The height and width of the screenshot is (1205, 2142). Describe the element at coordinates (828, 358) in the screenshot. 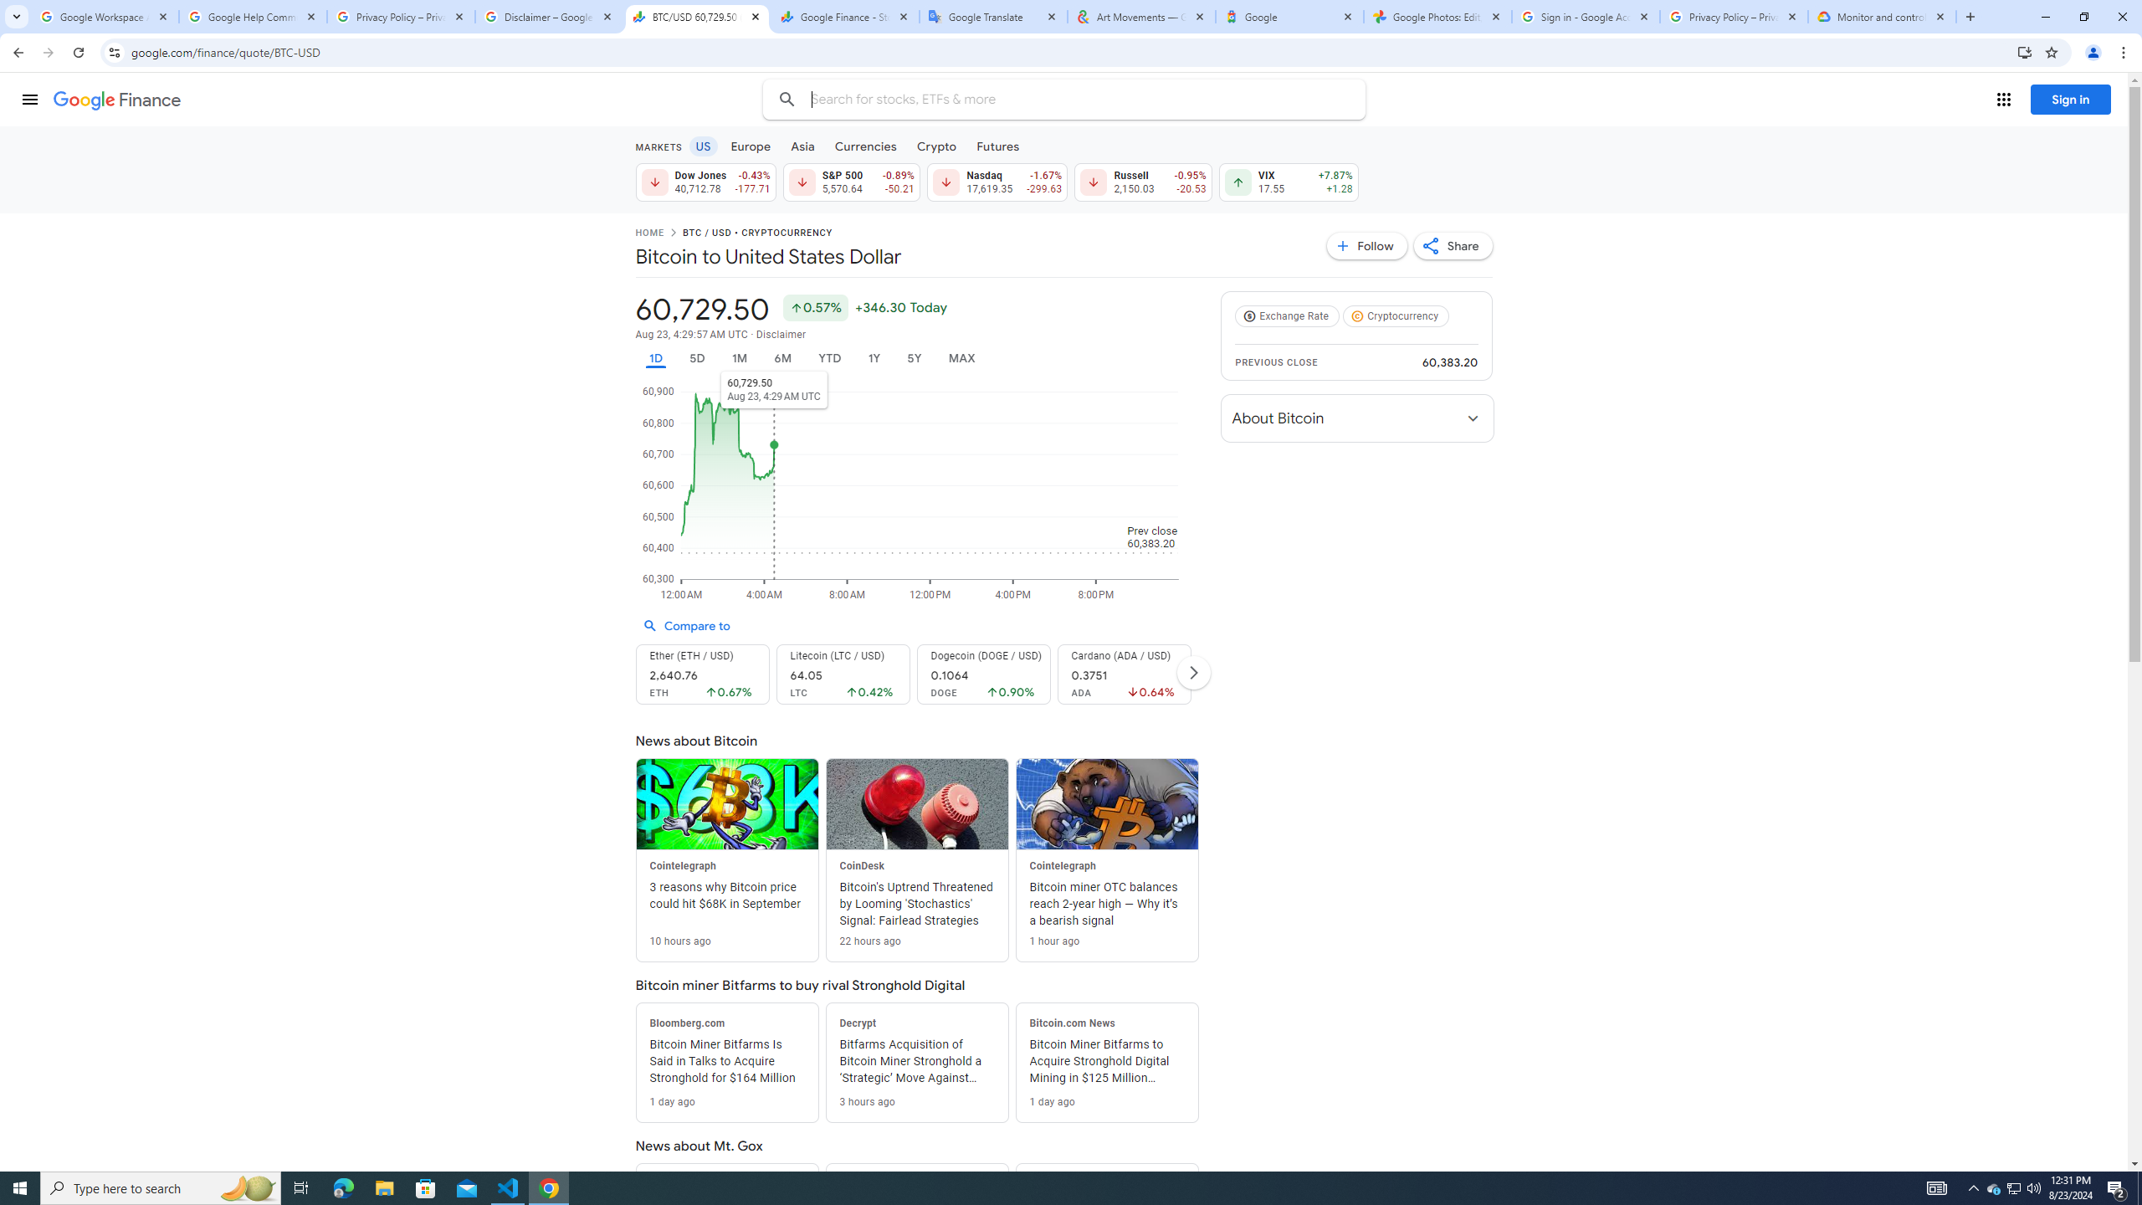

I see `'YTD'` at that location.